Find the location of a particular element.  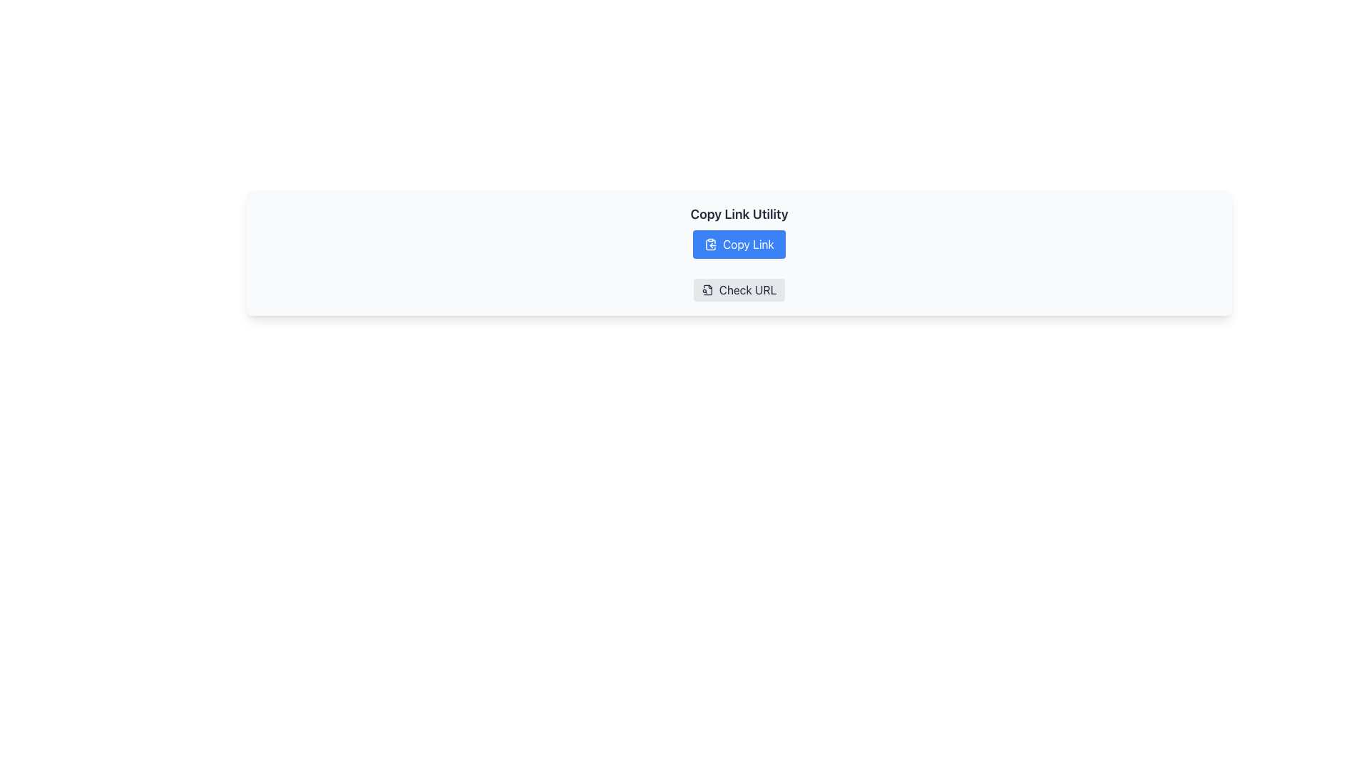

the small clipboard icon located to the left of the 'Copy Link' button, which is styled with thin lines and is positioned in the top-middle portion of the interface is located at coordinates (711, 244).